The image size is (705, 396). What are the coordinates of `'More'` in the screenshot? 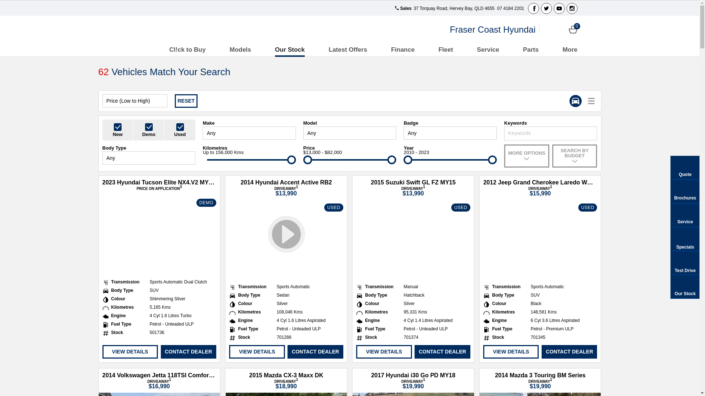 It's located at (570, 49).